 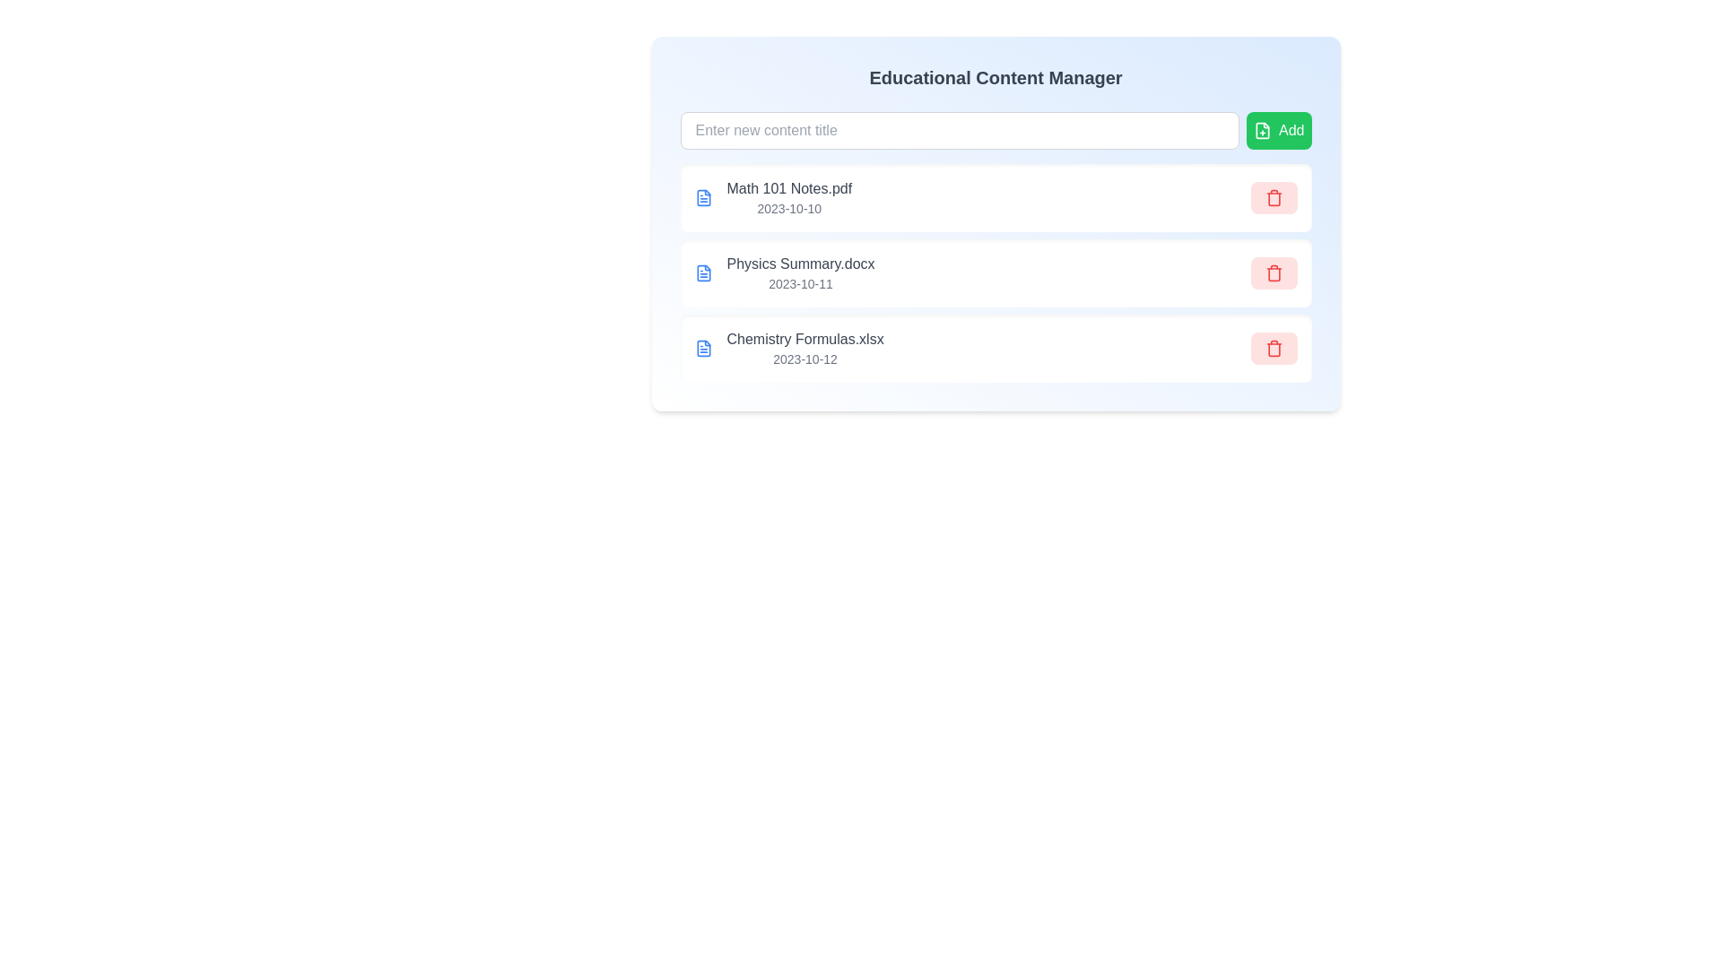 What do you see at coordinates (799, 282) in the screenshot?
I see `the static text label displaying the date '2023-10-11', which is located below 'Physics Summary.docx' in the second entry of a vertical list` at bounding box center [799, 282].